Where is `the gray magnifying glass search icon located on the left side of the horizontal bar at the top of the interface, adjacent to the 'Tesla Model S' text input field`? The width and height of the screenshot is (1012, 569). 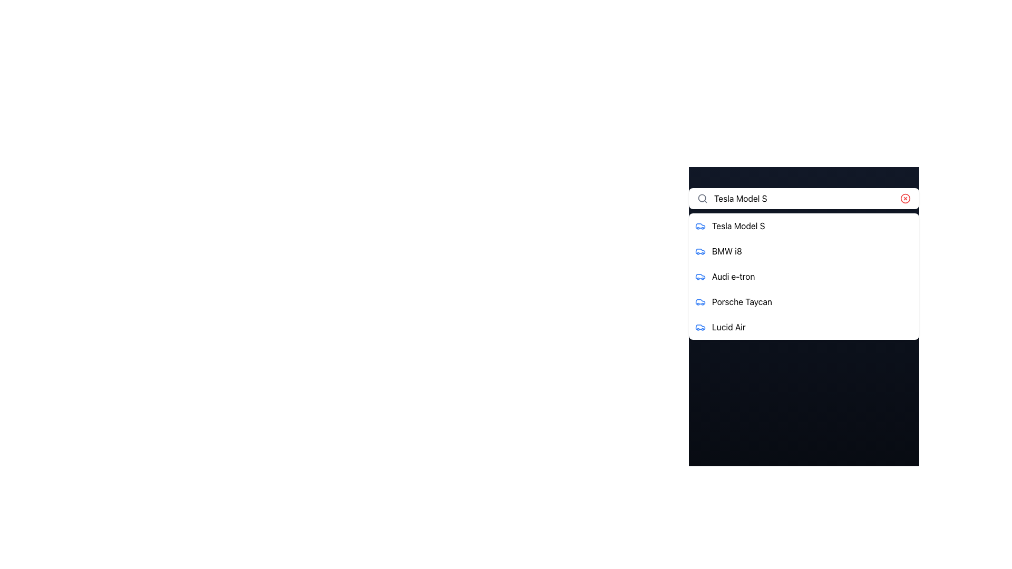 the gray magnifying glass search icon located on the left side of the horizontal bar at the top of the interface, adjacent to the 'Tesla Model S' text input field is located at coordinates (703, 199).